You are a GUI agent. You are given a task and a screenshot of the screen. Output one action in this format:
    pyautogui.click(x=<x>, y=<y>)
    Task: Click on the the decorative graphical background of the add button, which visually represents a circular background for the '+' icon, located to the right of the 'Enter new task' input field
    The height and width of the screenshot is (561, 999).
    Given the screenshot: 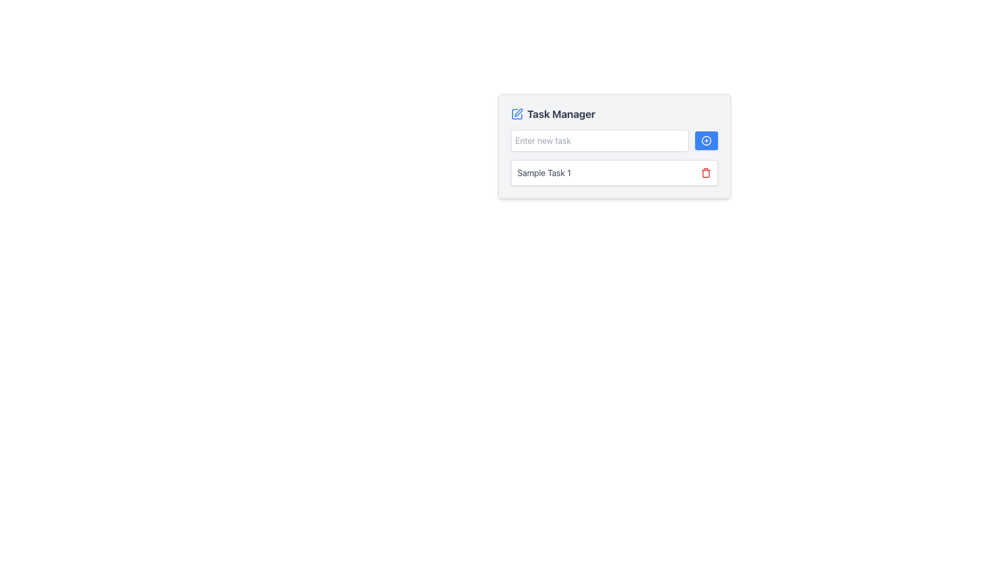 What is the action you would take?
    pyautogui.click(x=706, y=140)
    